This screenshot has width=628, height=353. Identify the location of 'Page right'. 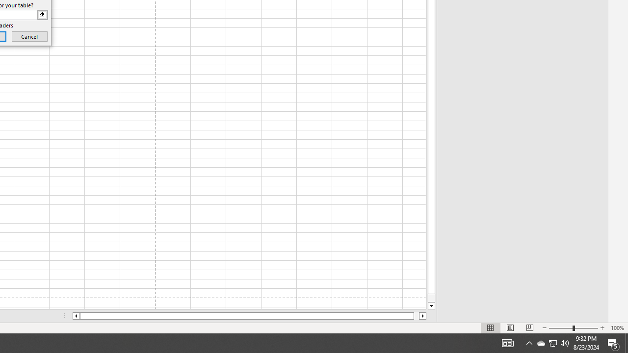
(416, 316).